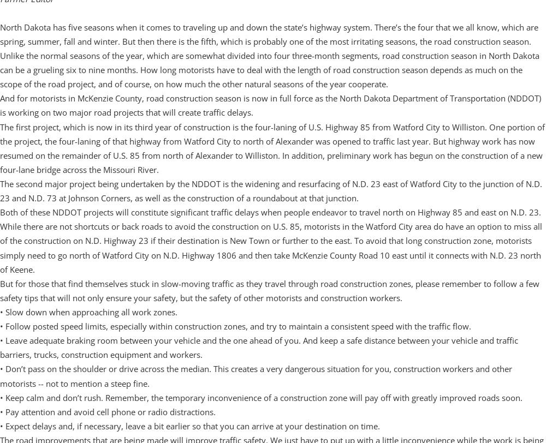 Image resolution: width=558 pixels, height=443 pixels. Describe the element at coordinates (21, 25) in the screenshot. I see `'Phone:'` at that location.